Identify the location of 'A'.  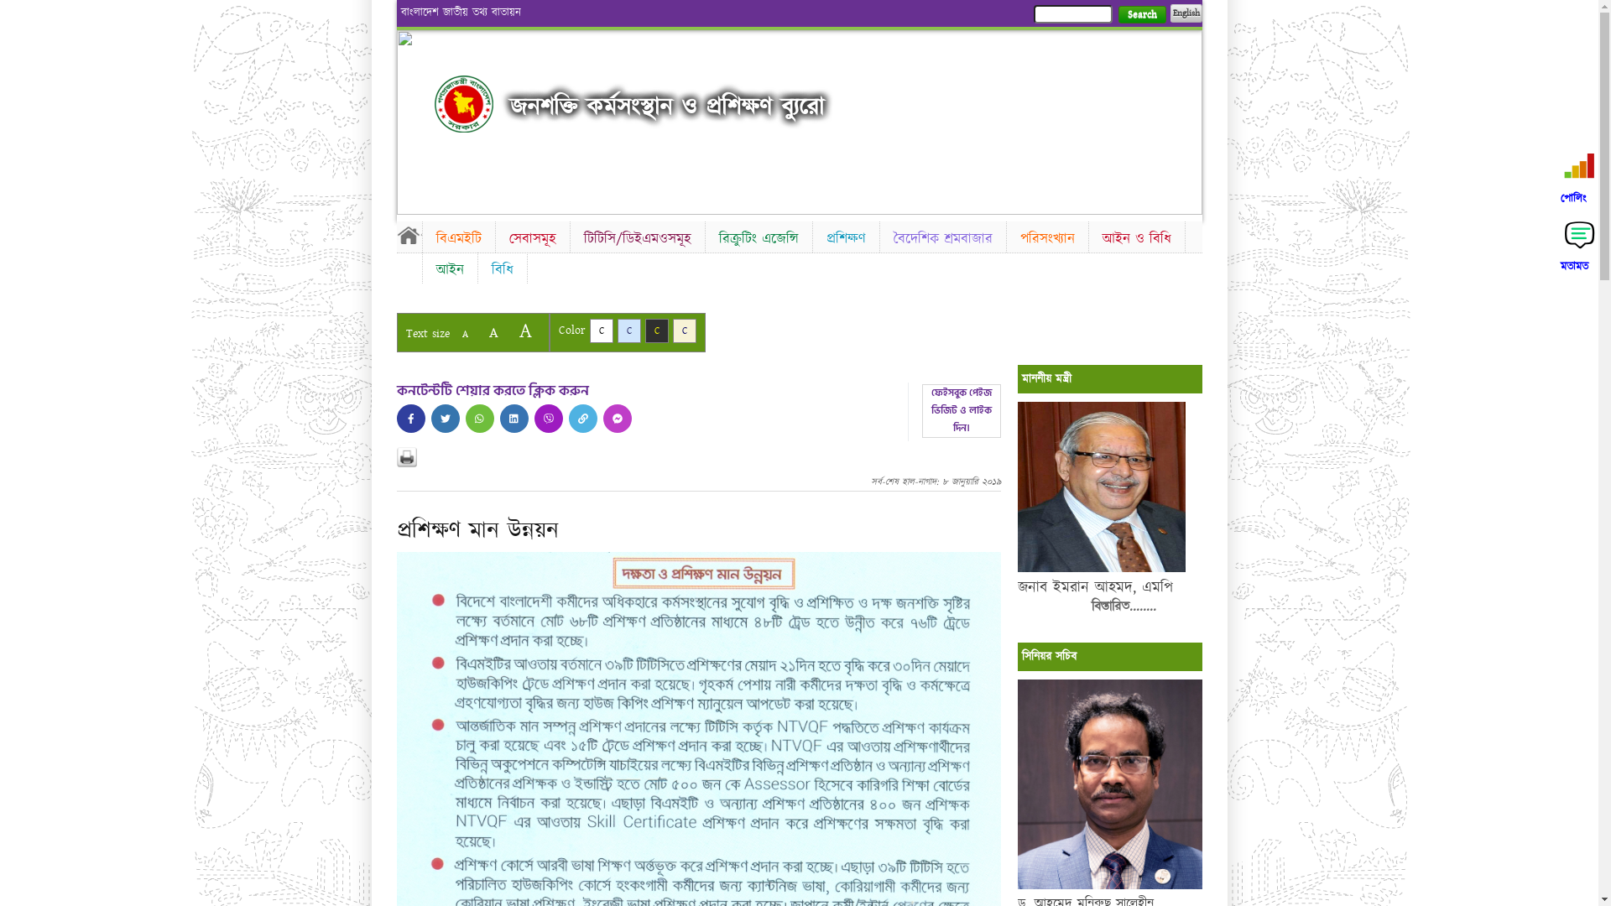
(524, 331).